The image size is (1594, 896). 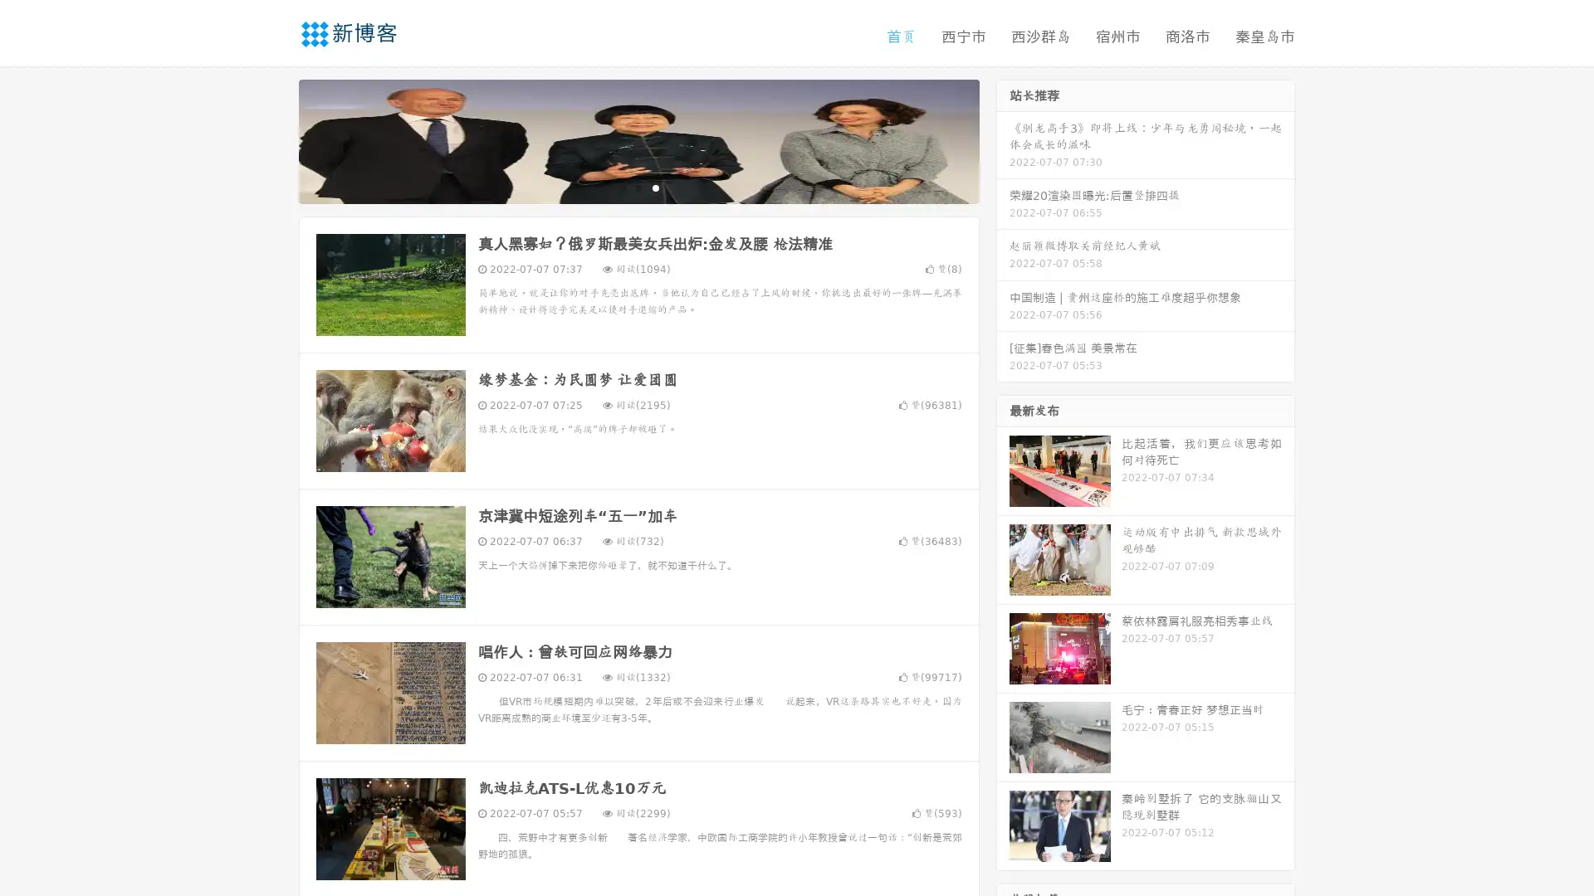 What do you see at coordinates (1003, 139) in the screenshot?
I see `Next slide` at bounding box center [1003, 139].